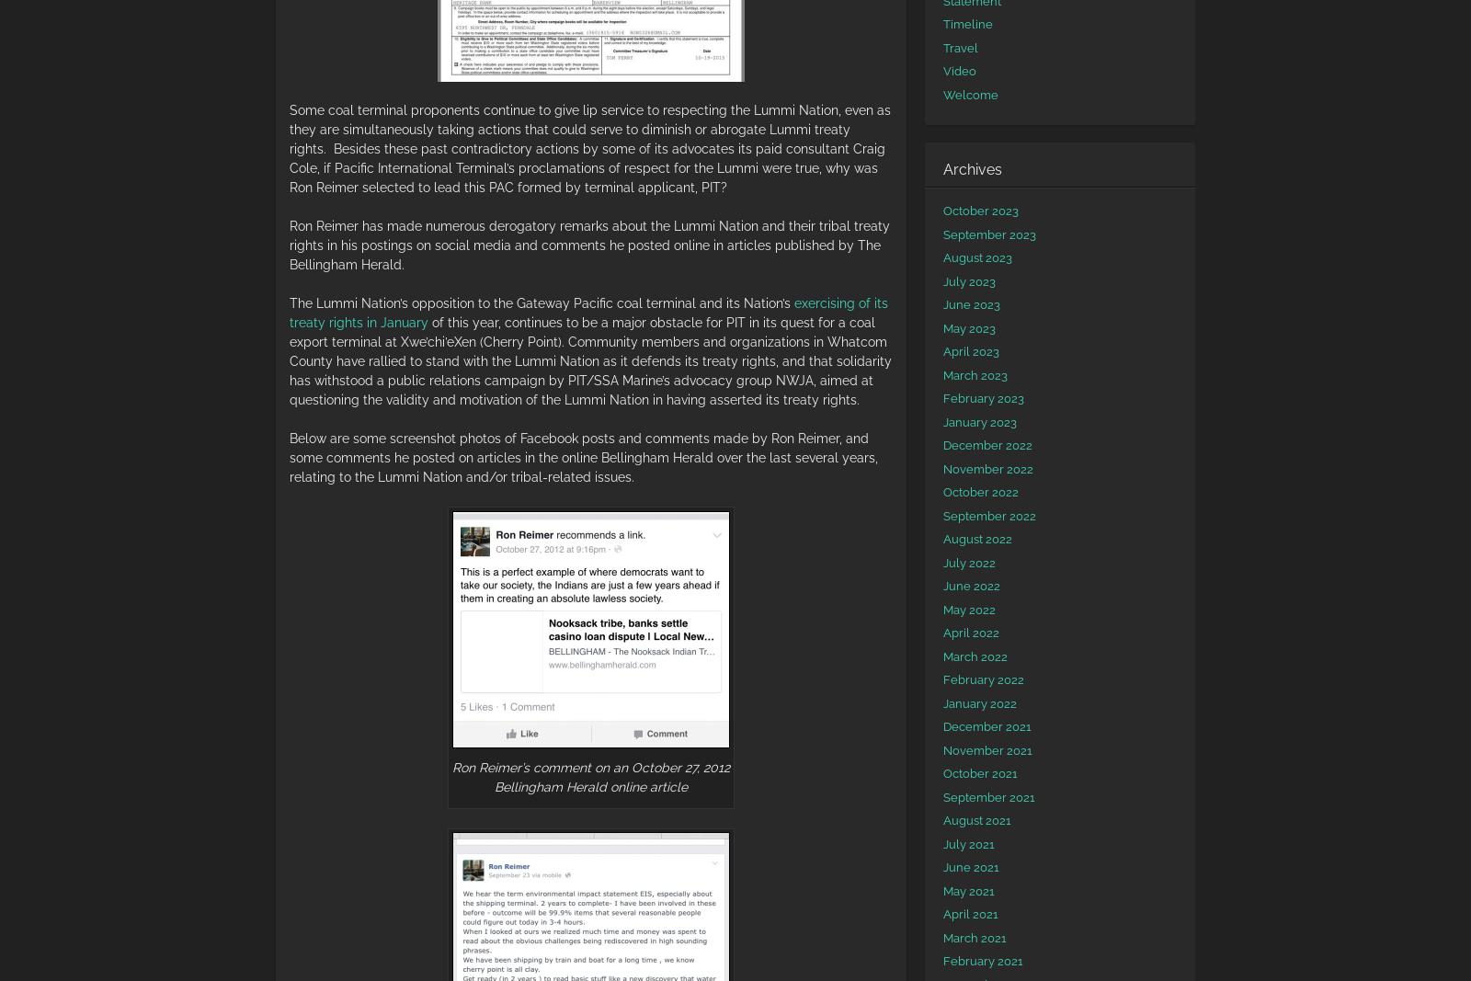  I want to click on 'Below are some screenshot photos of Facebook posts and comments made by Ron Reimer, and some comments he posted on articles in the online Bellingham Herald over the last several years, relating to the Lummi Nation and/or tribal-related issues.', so click(584, 456).